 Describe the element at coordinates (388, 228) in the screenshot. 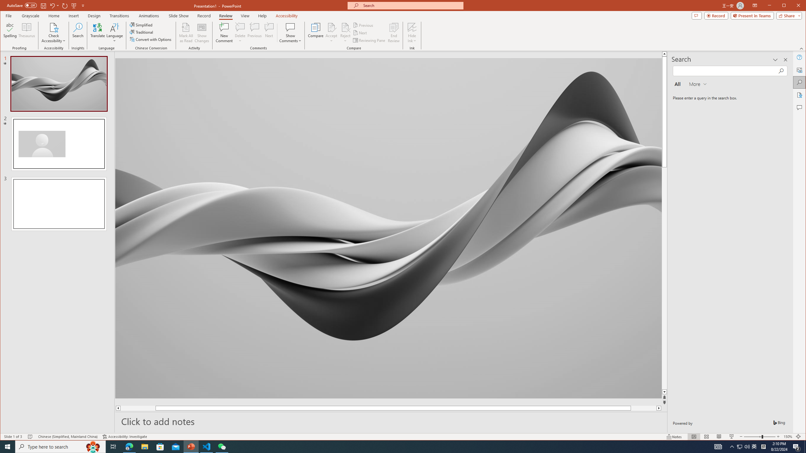

I see `'Wavy 3D art'` at that location.